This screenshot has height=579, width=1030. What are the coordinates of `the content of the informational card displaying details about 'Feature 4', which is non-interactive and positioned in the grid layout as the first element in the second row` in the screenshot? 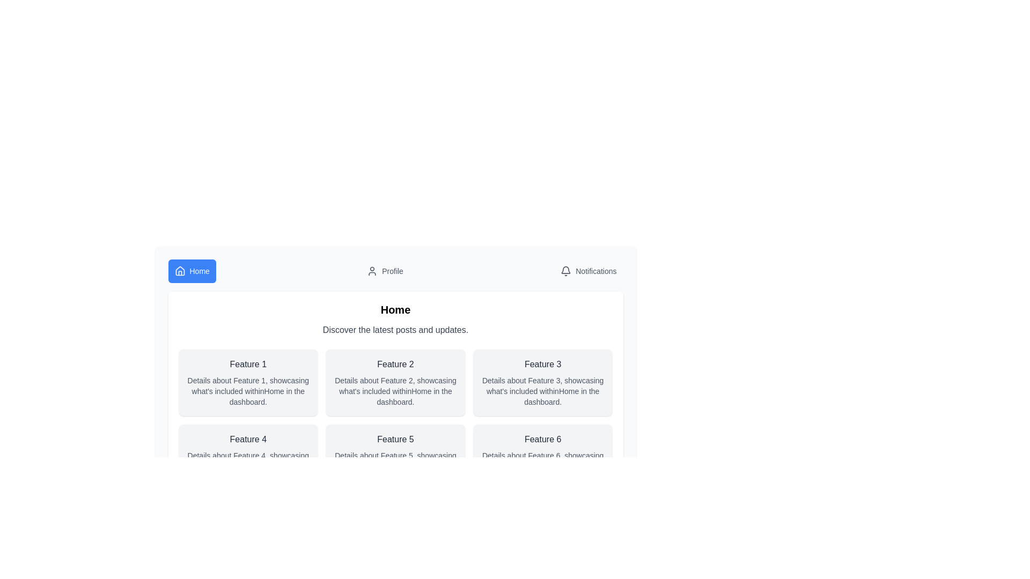 It's located at (247, 457).